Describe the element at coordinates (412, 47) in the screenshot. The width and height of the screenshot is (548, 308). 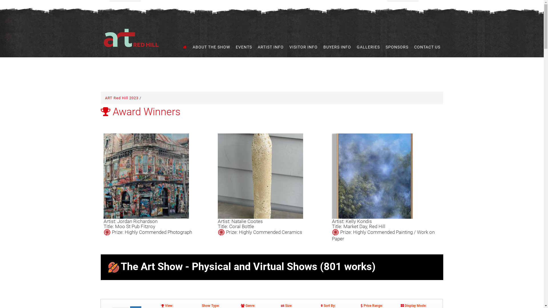
I see `'CONTACT US'` at that location.